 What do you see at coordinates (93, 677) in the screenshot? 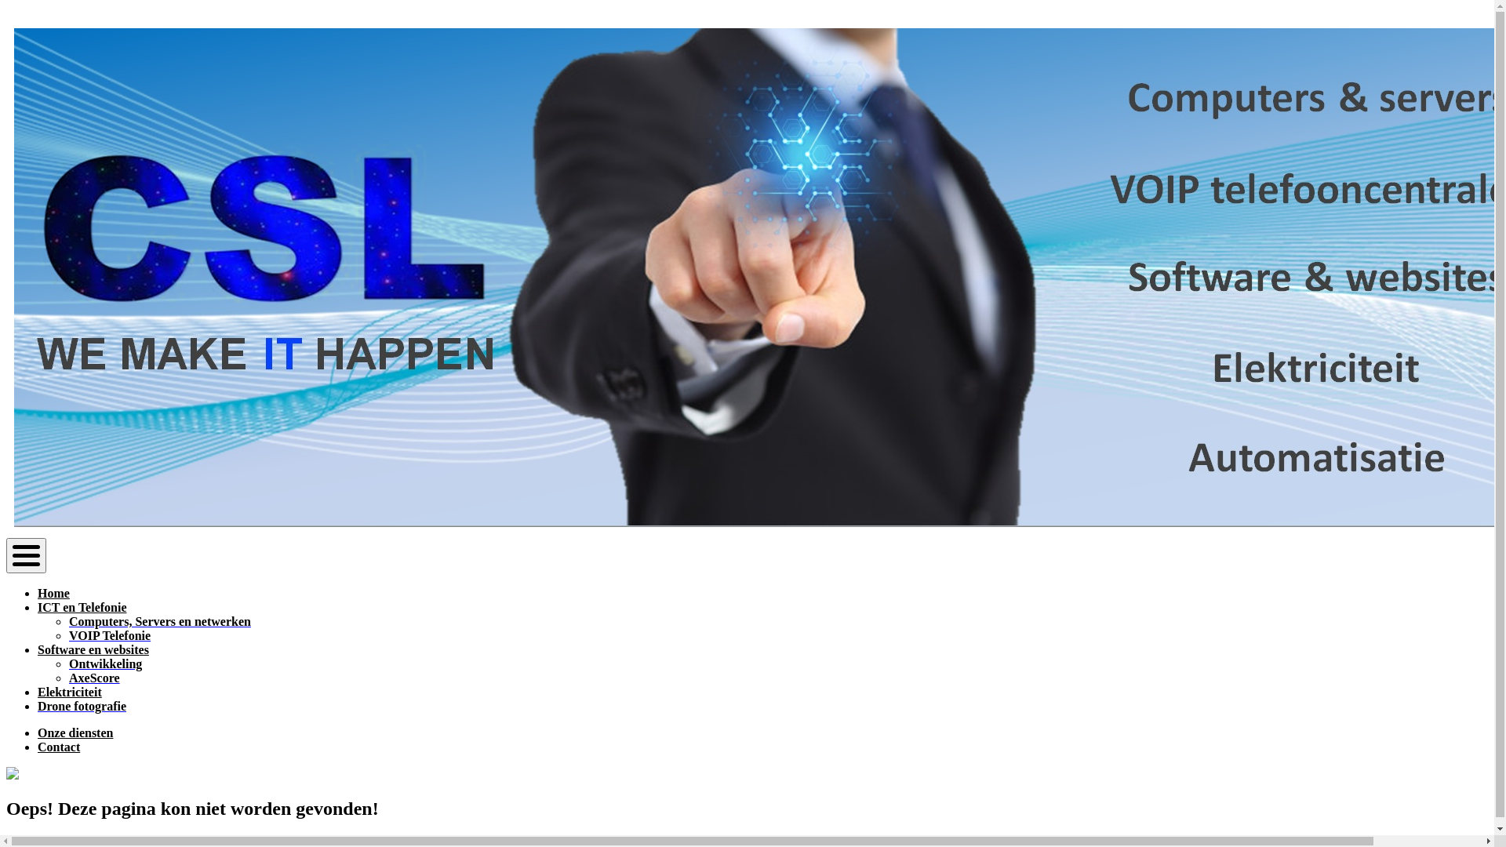
I see `'AxeScore'` at bounding box center [93, 677].